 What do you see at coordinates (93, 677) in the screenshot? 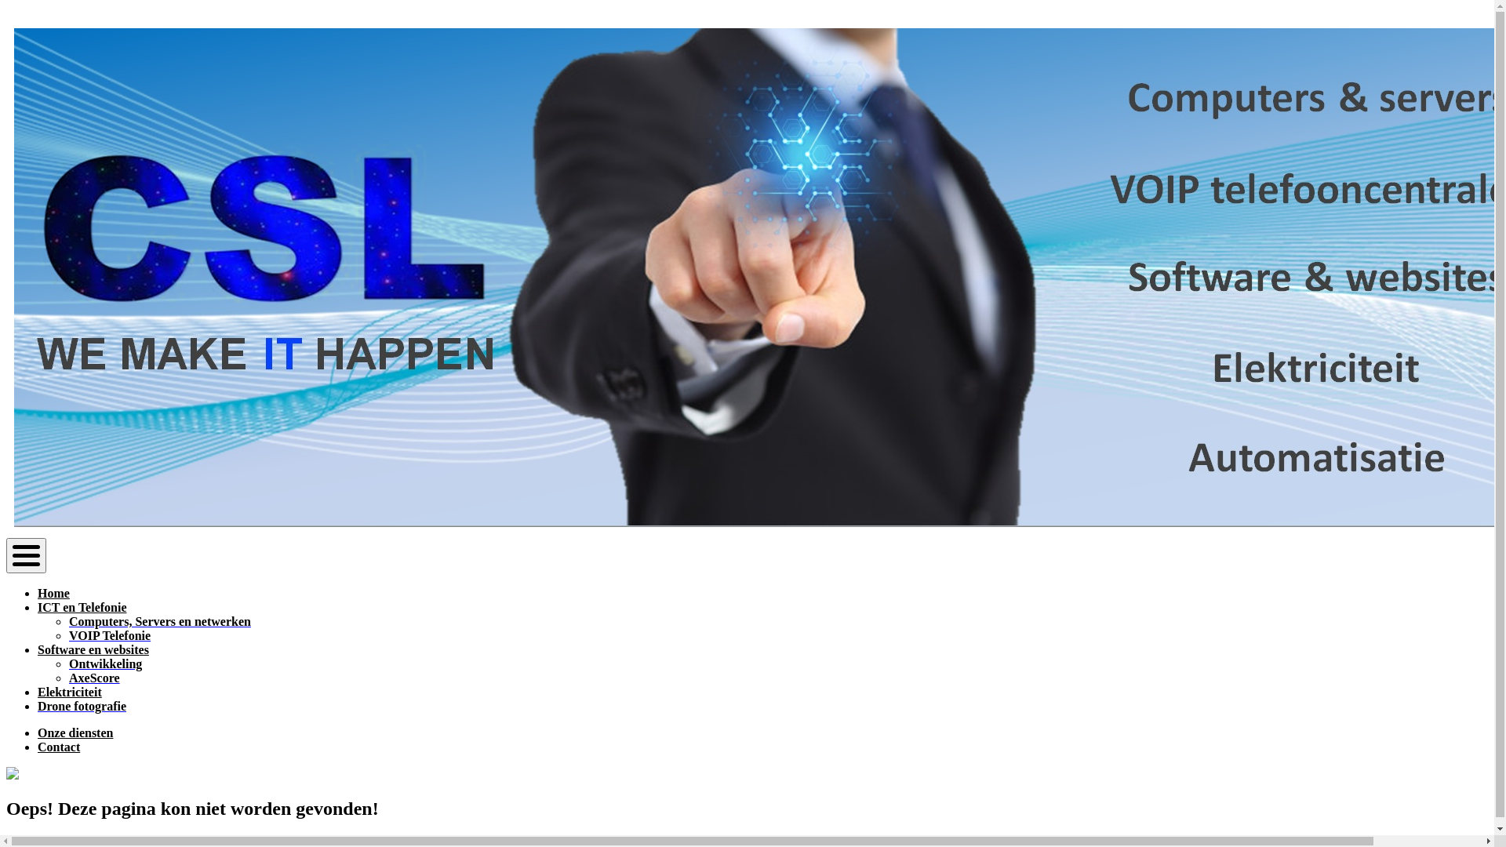
I see `'AxeScore'` at bounding box center [93, 677].